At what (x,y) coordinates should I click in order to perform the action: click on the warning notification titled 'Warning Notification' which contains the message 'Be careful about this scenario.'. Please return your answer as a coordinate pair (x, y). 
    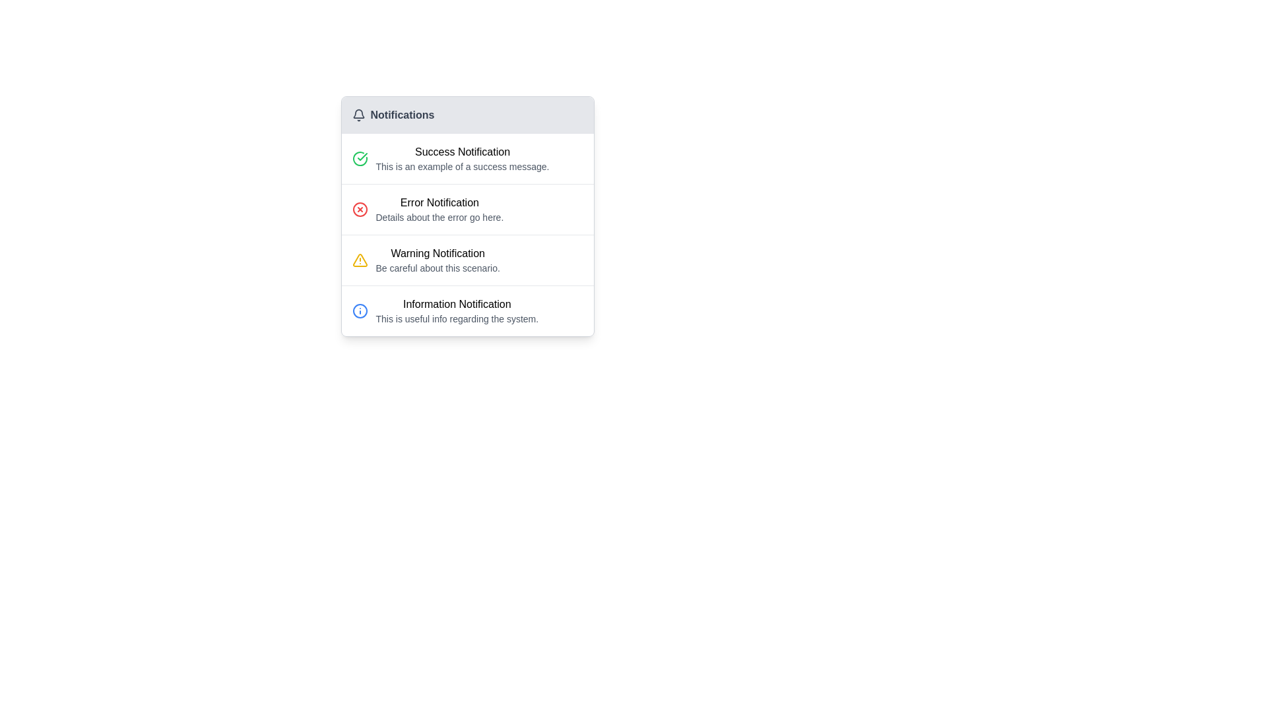
    Looking at the image, I should click on (438, 260).